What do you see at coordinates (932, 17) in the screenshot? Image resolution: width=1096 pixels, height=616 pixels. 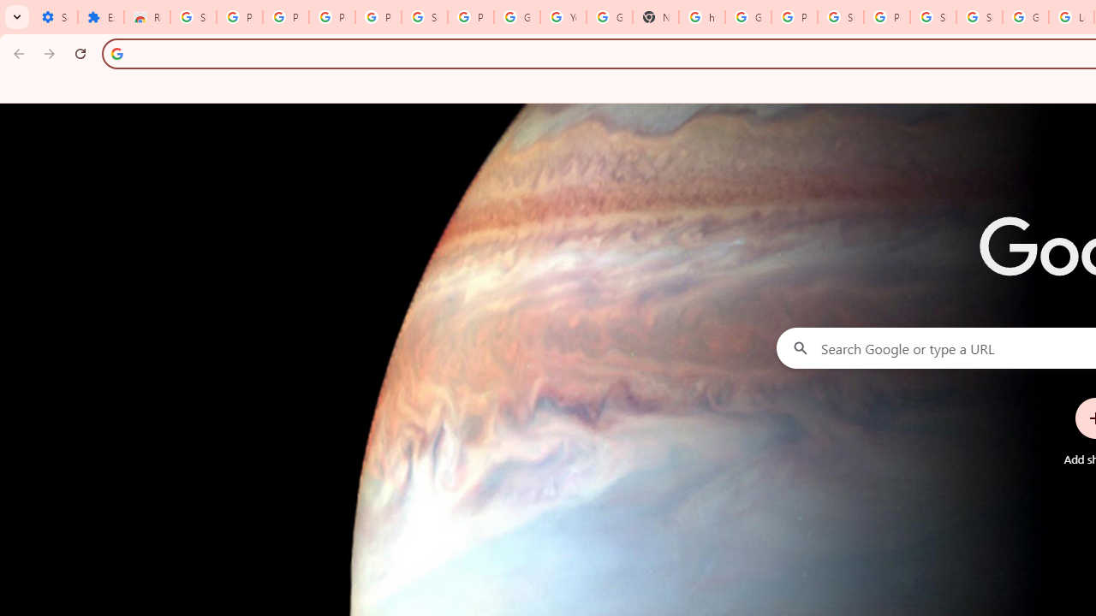 I see `'Sign in - Google Accounts'` at bounding box center [932, 17].